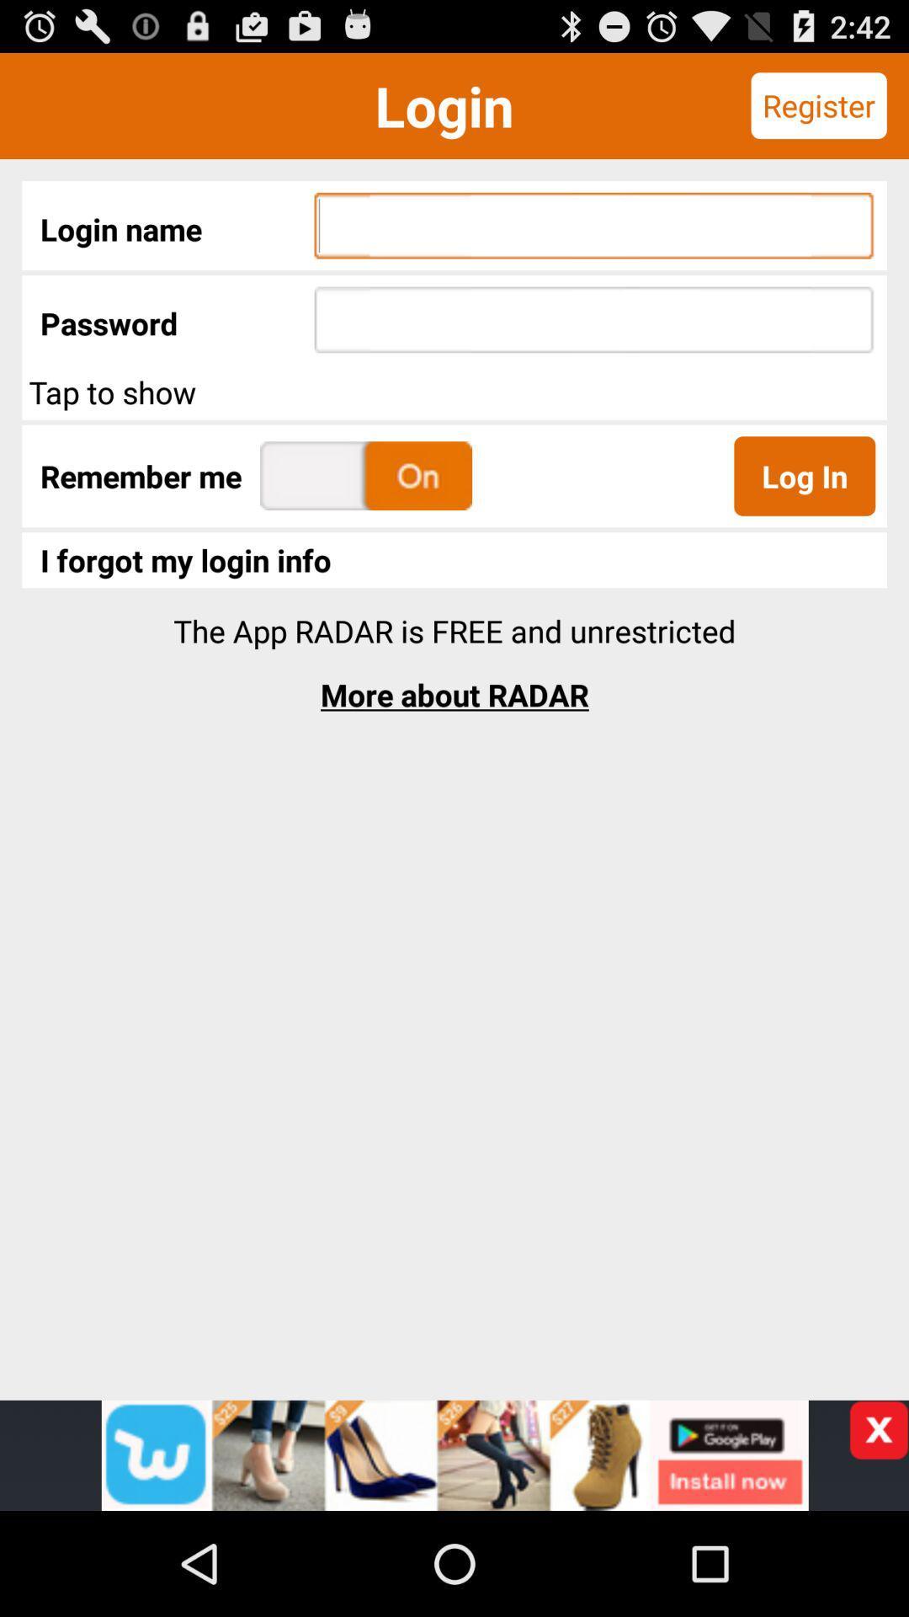 This screenshot has width=909, height=1617. Describe the element at coordinates (878, 1429) in the screenshot. I see `button` at that location.